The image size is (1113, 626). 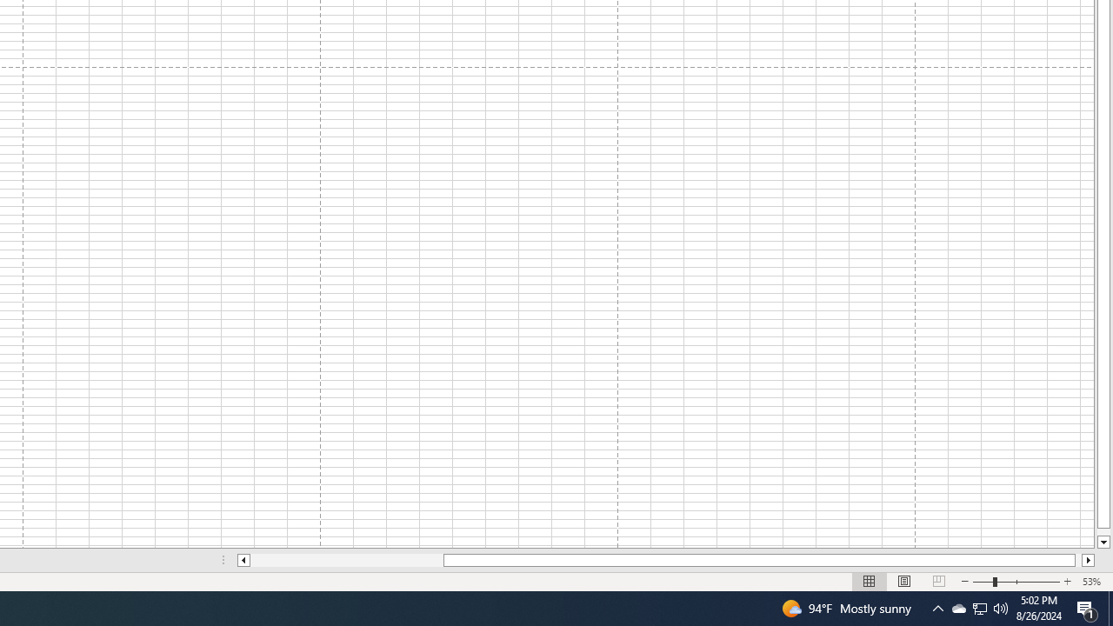 I want to click on 'Zoom In', so click(x=1066, y=582).